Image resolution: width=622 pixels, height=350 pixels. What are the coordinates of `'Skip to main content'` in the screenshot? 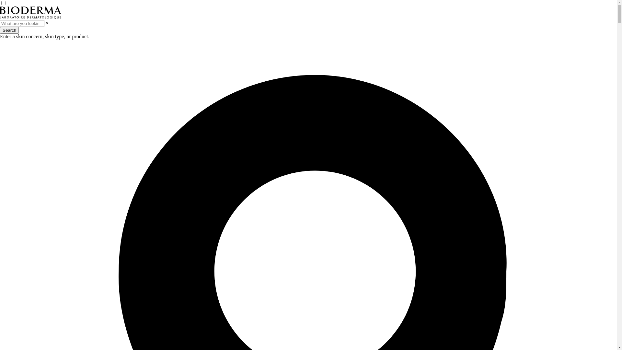 It's located at (0, 0).